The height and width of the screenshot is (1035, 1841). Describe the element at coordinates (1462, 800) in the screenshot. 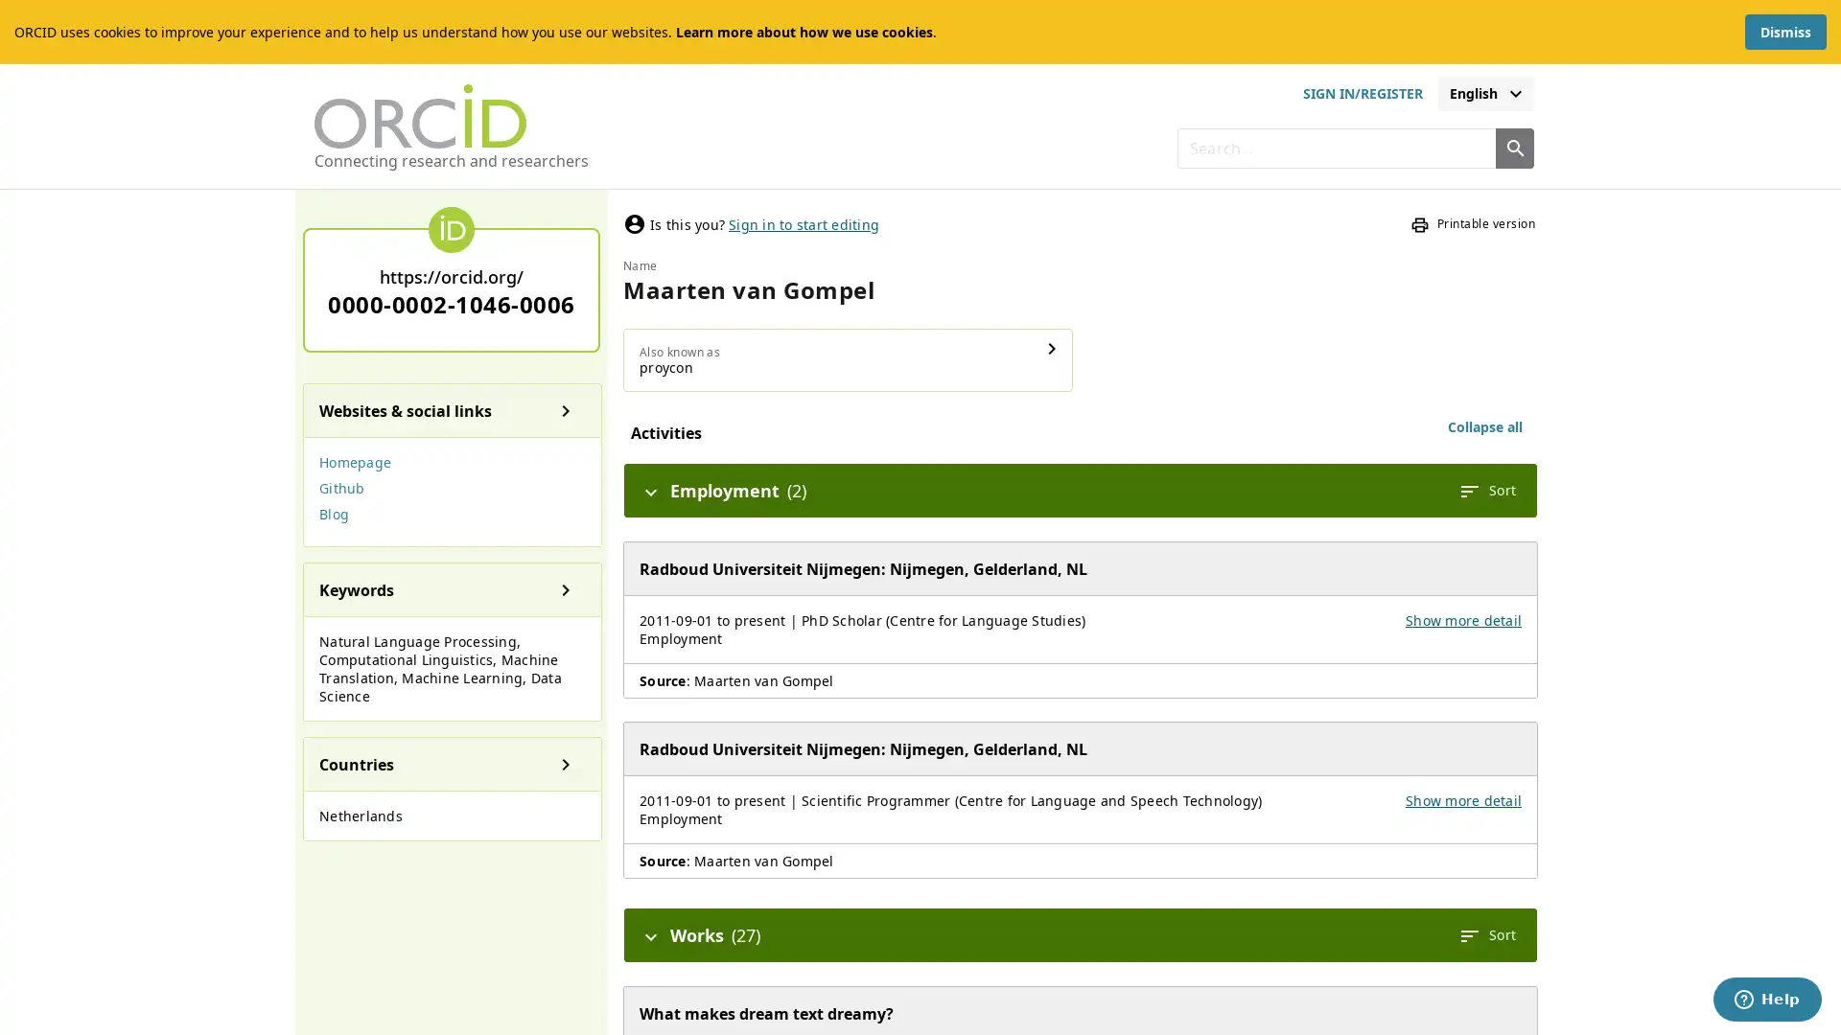

I see `Show more detail` at that location.